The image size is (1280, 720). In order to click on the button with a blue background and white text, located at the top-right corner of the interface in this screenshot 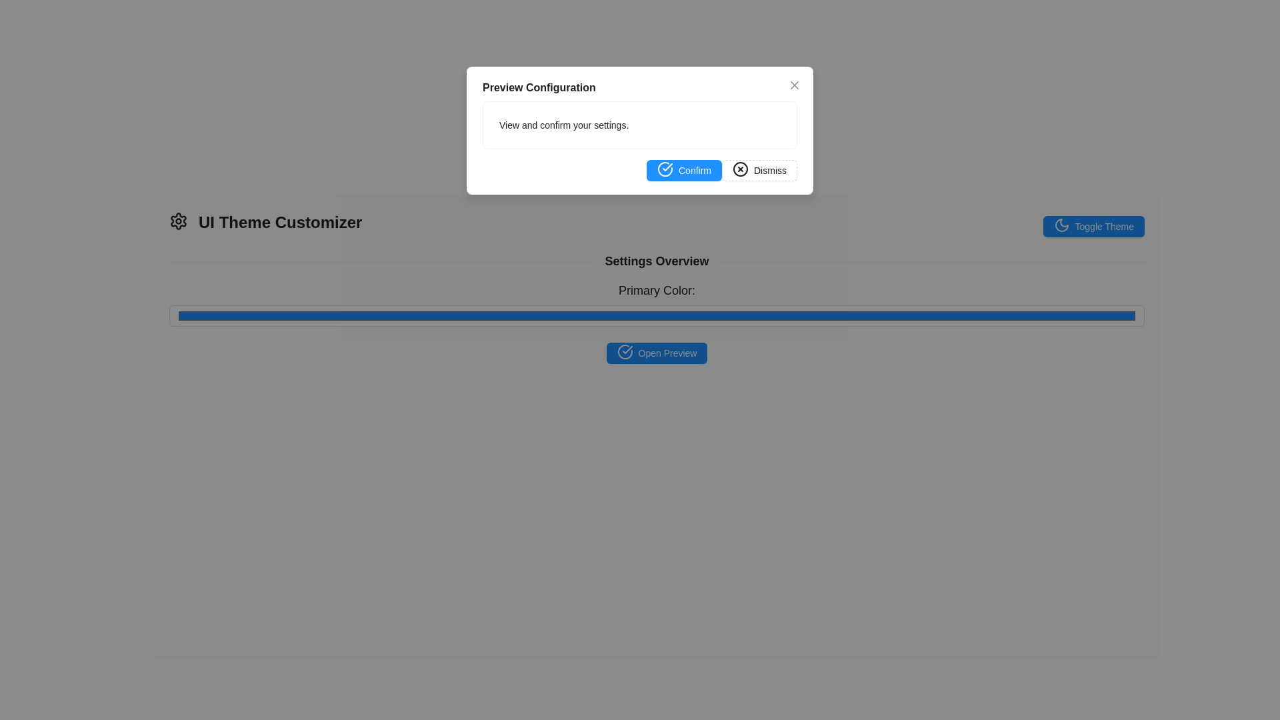, I will do `click(1104, 225)`.